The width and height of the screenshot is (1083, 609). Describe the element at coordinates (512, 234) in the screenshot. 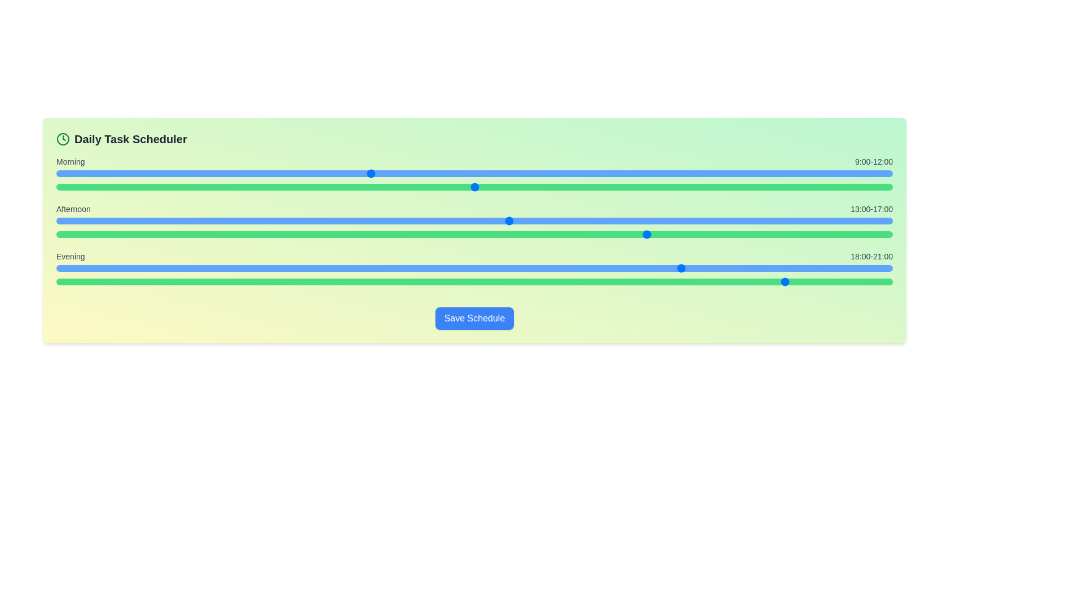

I see `the end time for the afternoon period to 19 hours` at that location.